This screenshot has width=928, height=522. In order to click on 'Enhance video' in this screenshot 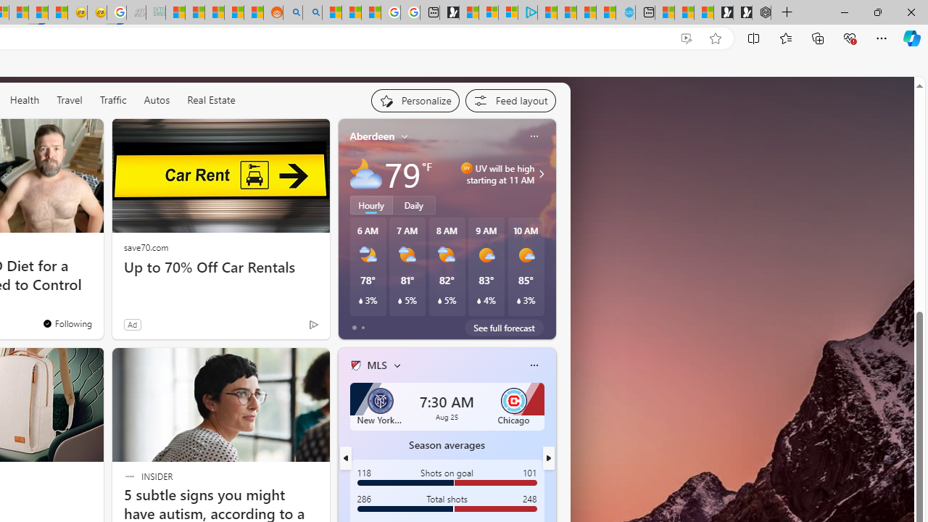, I will do `click(685, 38)`.